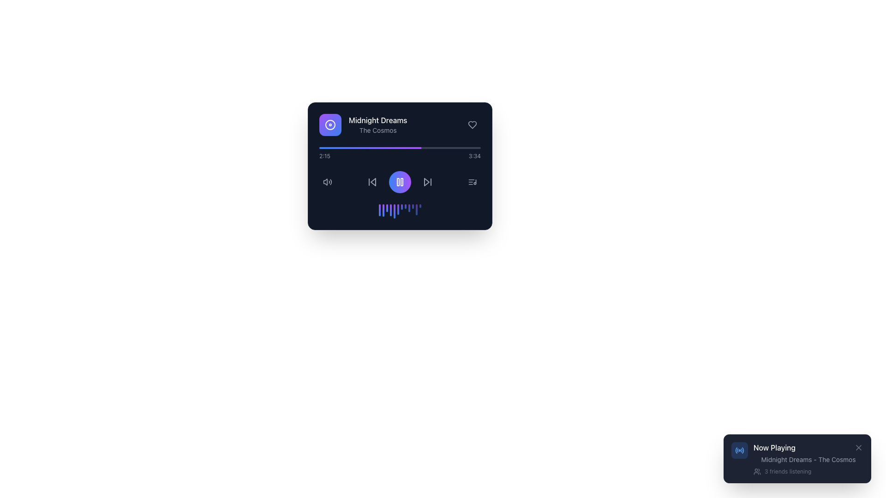 Image resolution: width=886 pixels, height=498 pixels. Describe the element at coordinates (427, 182) in the screenshot. I see `the next item Icon button in the media player to skip forward` at that location.